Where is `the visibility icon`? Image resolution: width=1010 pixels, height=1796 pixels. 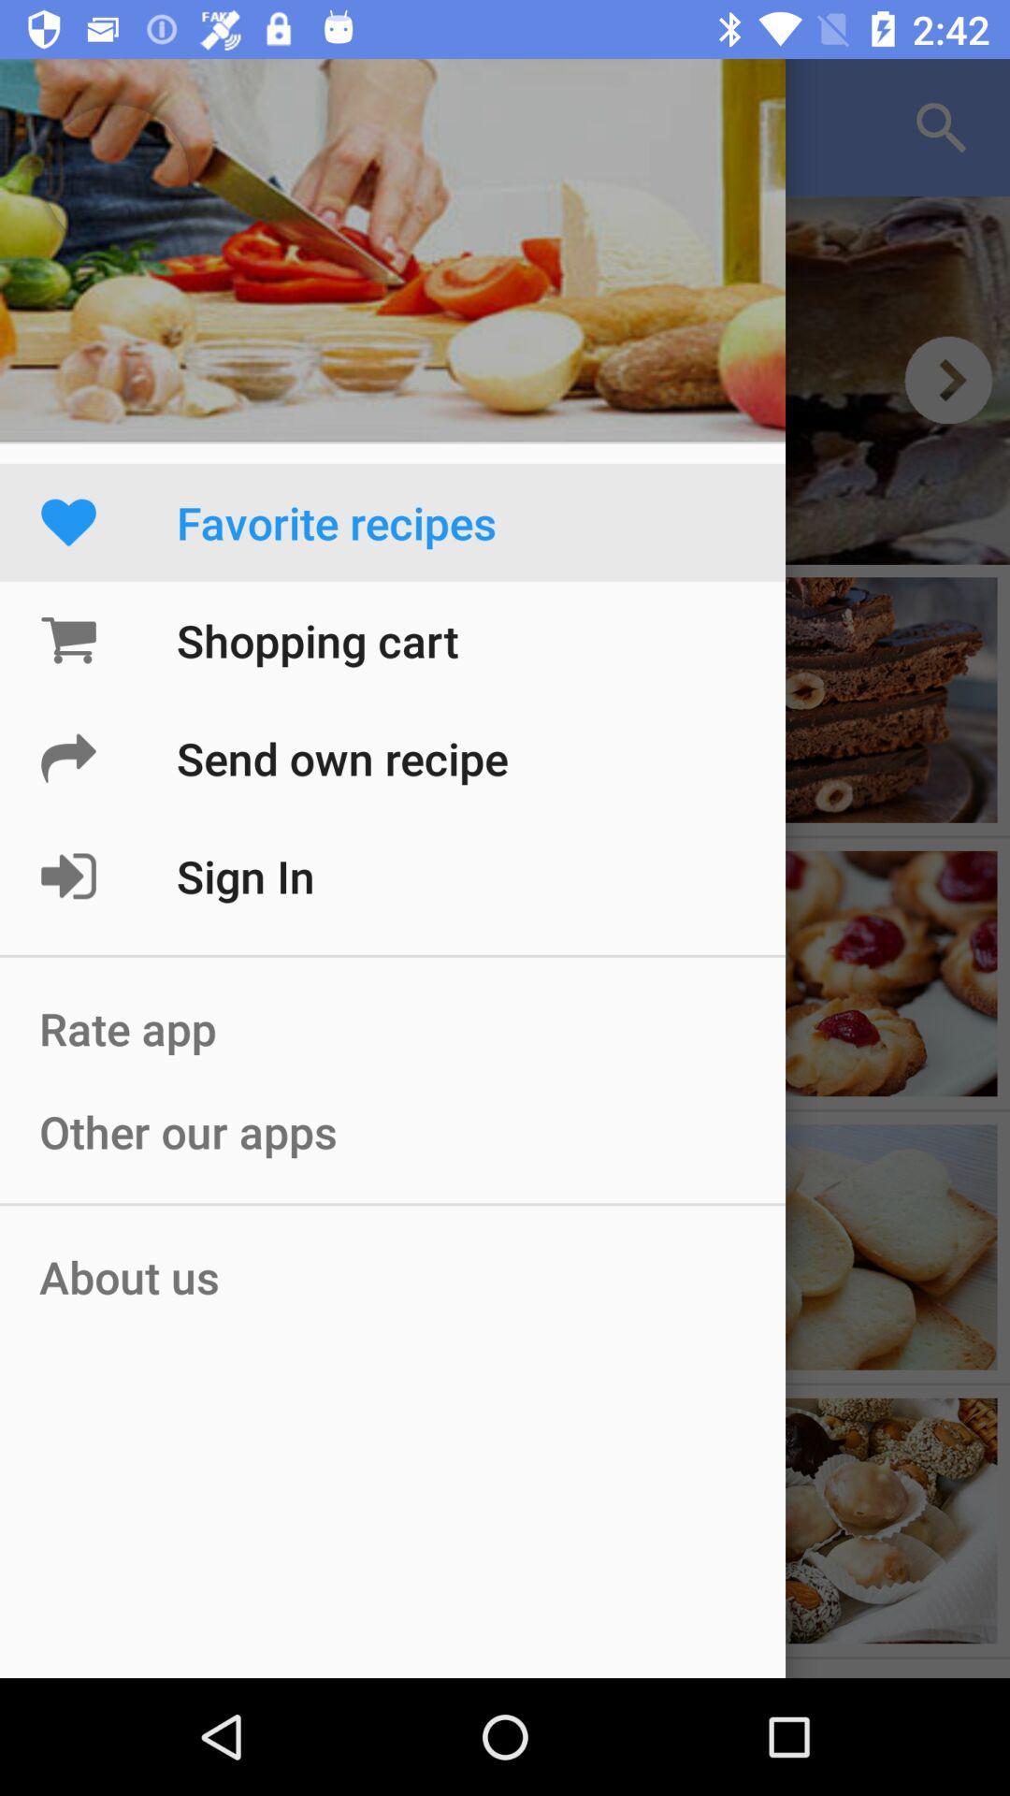
the visibility icon is located at coordinates (948, 379).